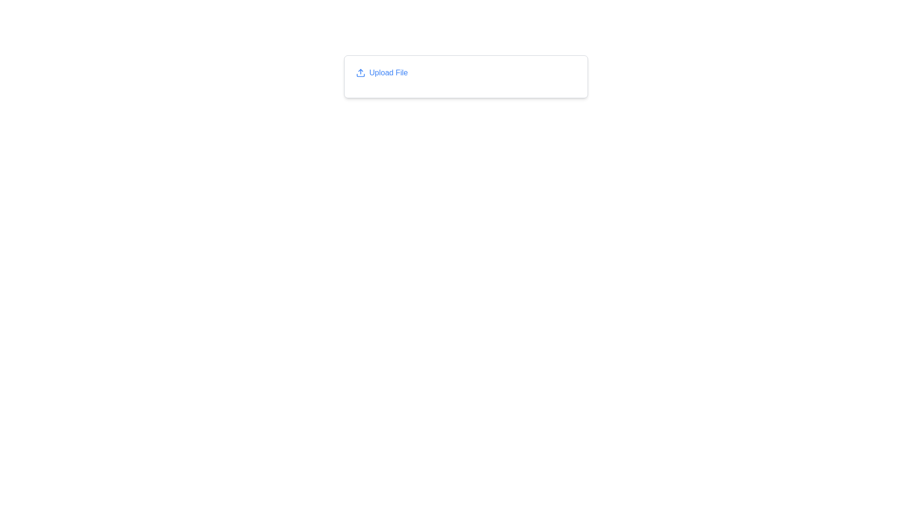 The image size is (915, 515). What do you see at coordinates (360, 72) in the screenshot?
I see `the upload icon, which is styled with a blue stroke and features an upward-pointing arrow emerging from a flat base, located at the center-left of the 'Upload File' text label` at bounding box center [360, 72].